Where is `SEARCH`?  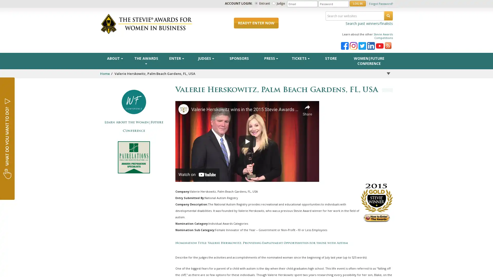
SEARCH is located at coordinates (388, 15).